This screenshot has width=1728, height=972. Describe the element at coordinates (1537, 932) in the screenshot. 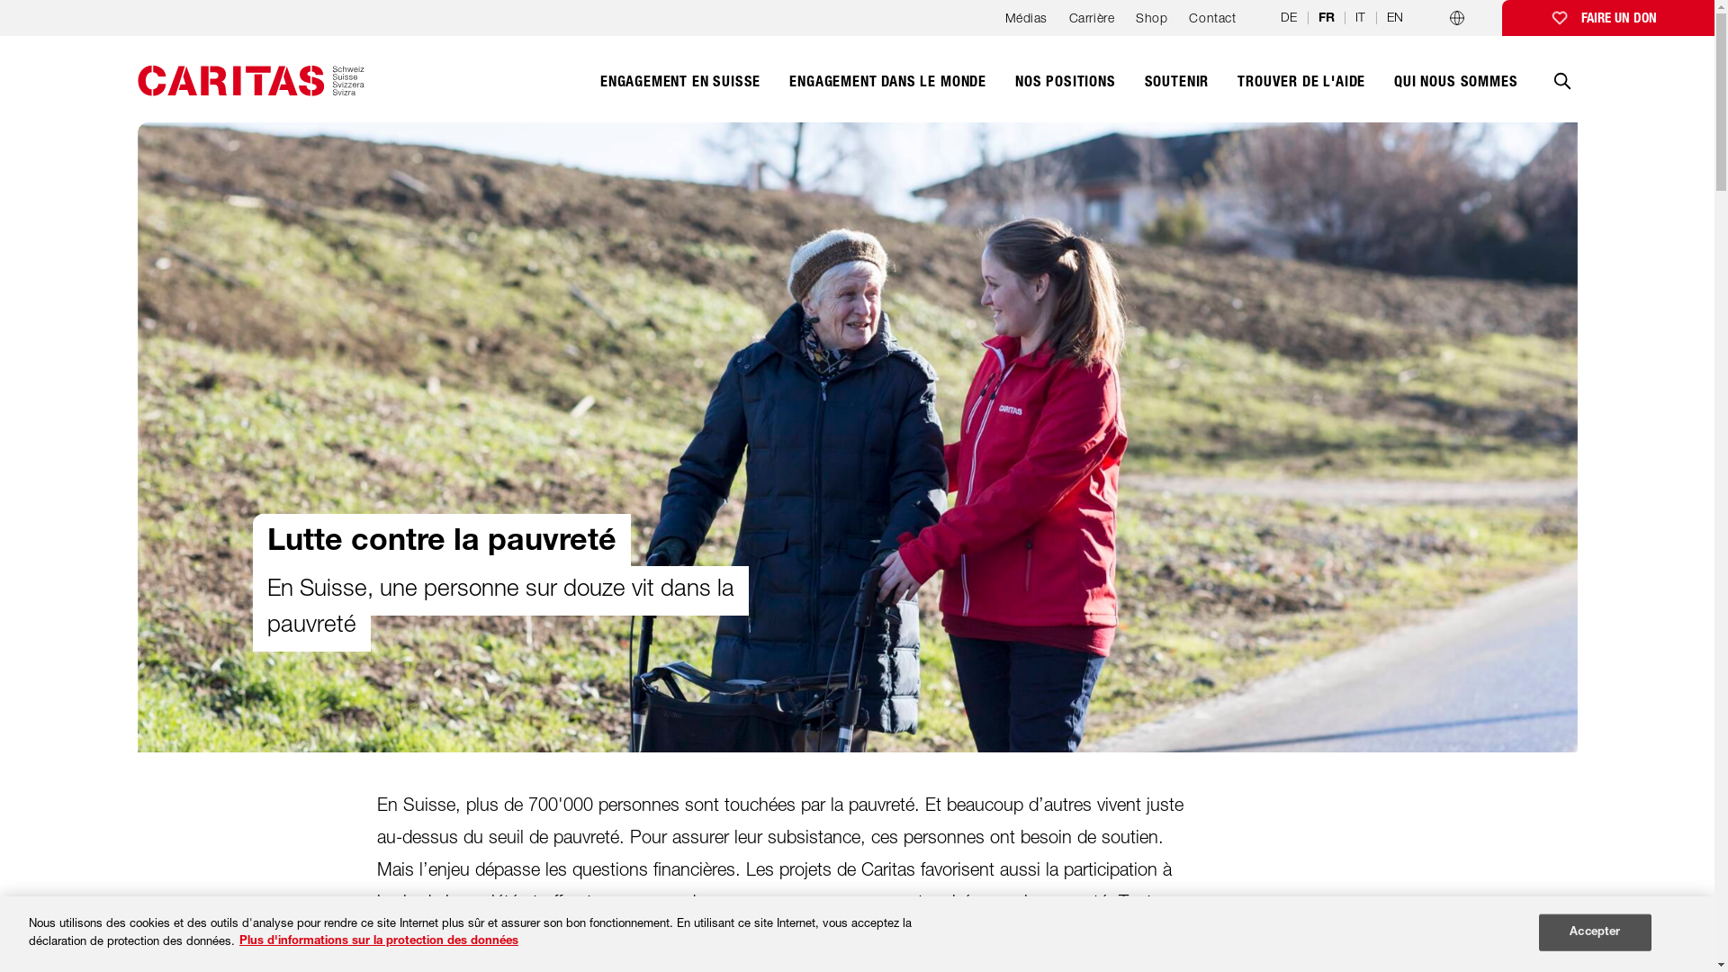

I see `'Accepter'` at that location.